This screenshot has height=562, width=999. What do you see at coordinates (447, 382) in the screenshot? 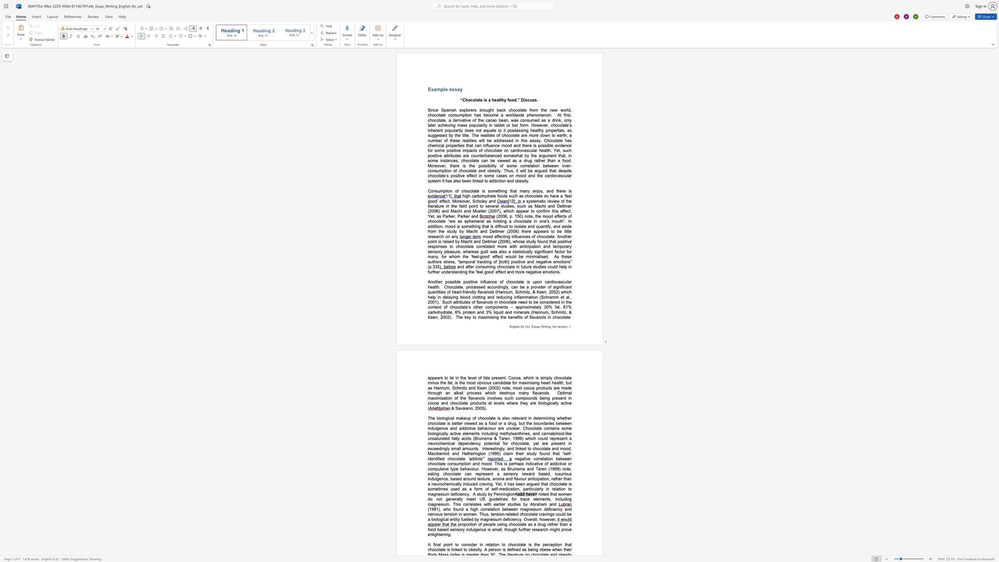
I see `the subset text "fat, is the most obvious candidate for maximising heart health, but as Hannum, Schmitz and Keen (2002) note, most cocoa products are made through an alkali p" within the text "appears to lie in the level of fats present. Cocoa, which is simply chocolate minus the fat, is the most obvious candidate for maximising heart health, but as Hannum, Schmitz and Keen (2002) note, most cocoa products are made through an alkali process which destroys many flavanols"` at bounding box center [447, 382].